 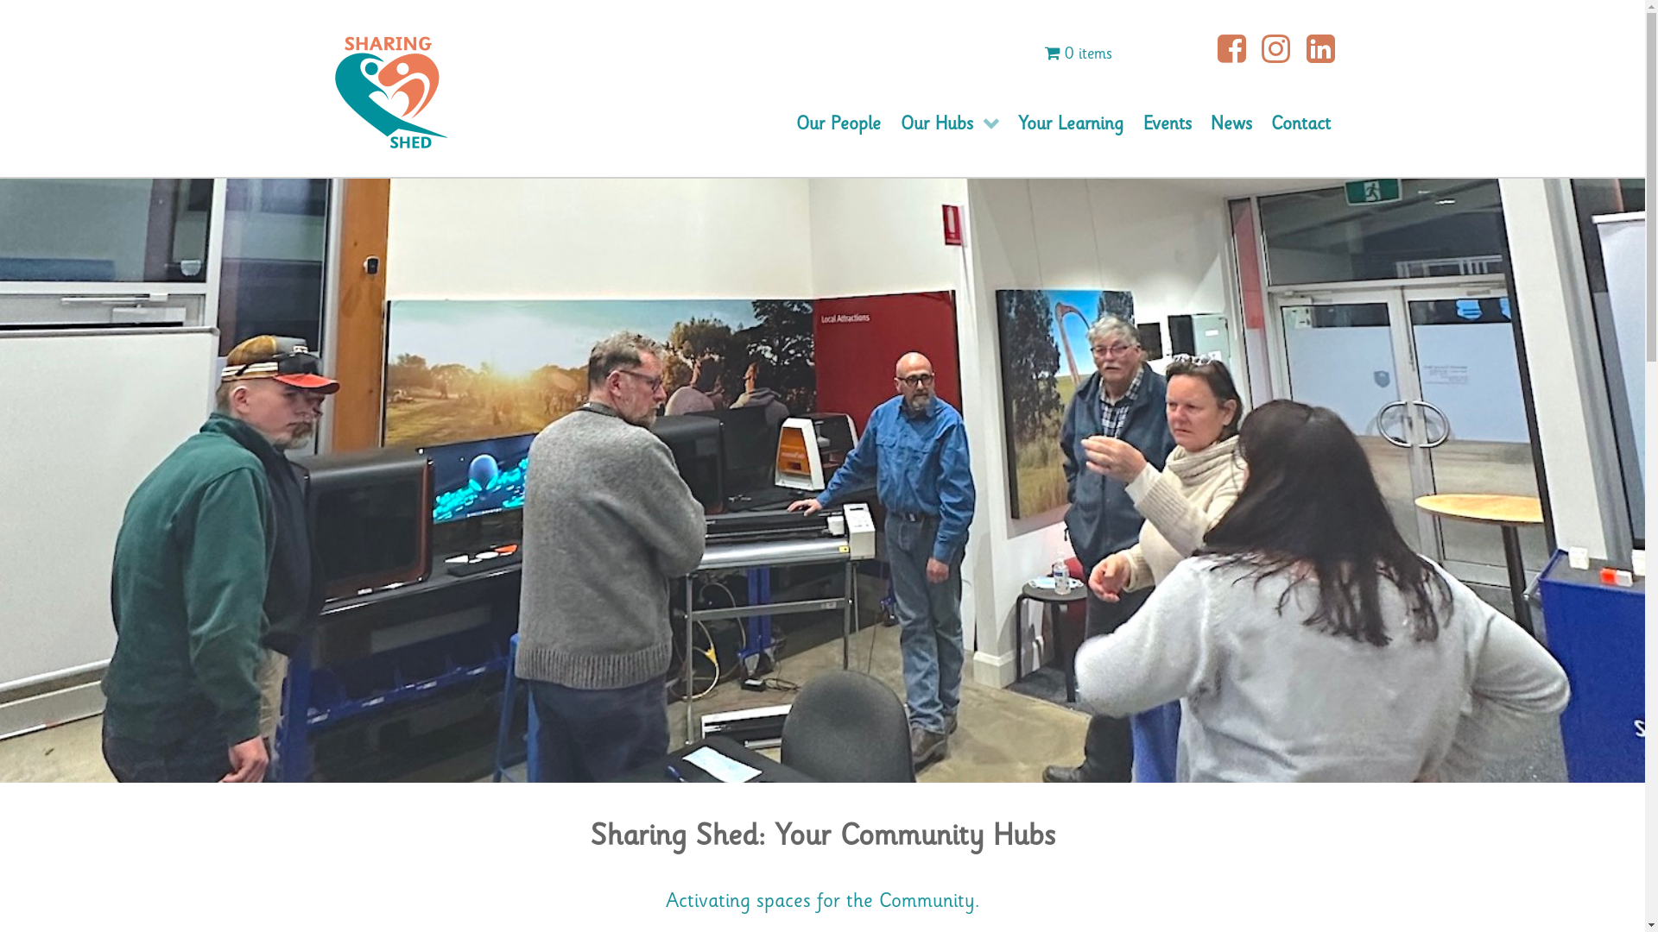 What do you see at coordinates (1230, 123) in the screenshot?
I see `'News'` at bounding box center [1230, 123].